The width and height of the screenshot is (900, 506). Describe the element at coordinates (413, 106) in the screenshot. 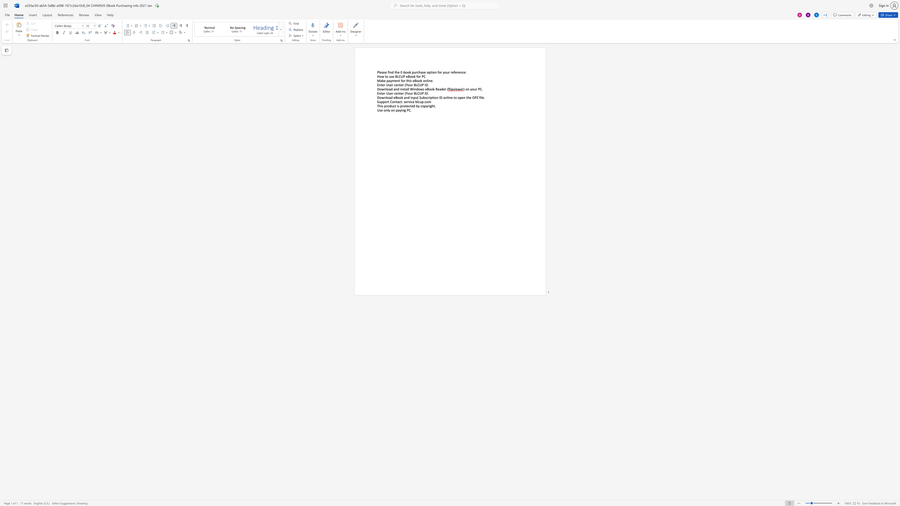

I see `the subset text "d by cop" within the text "This product is protected by copyright."` at that location.